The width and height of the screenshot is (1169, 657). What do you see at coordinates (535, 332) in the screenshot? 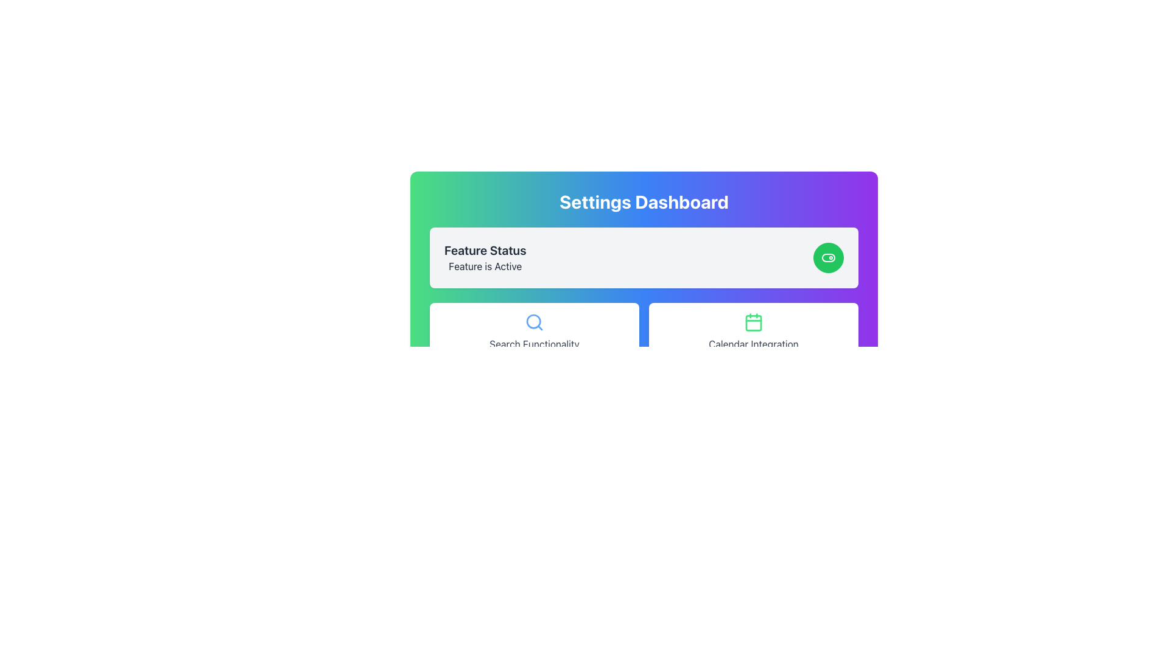
I see `the 'Search Functionality' card, which has a white background and gray text, located in the Settings Dashboard section` at bounding box center [535, 332].